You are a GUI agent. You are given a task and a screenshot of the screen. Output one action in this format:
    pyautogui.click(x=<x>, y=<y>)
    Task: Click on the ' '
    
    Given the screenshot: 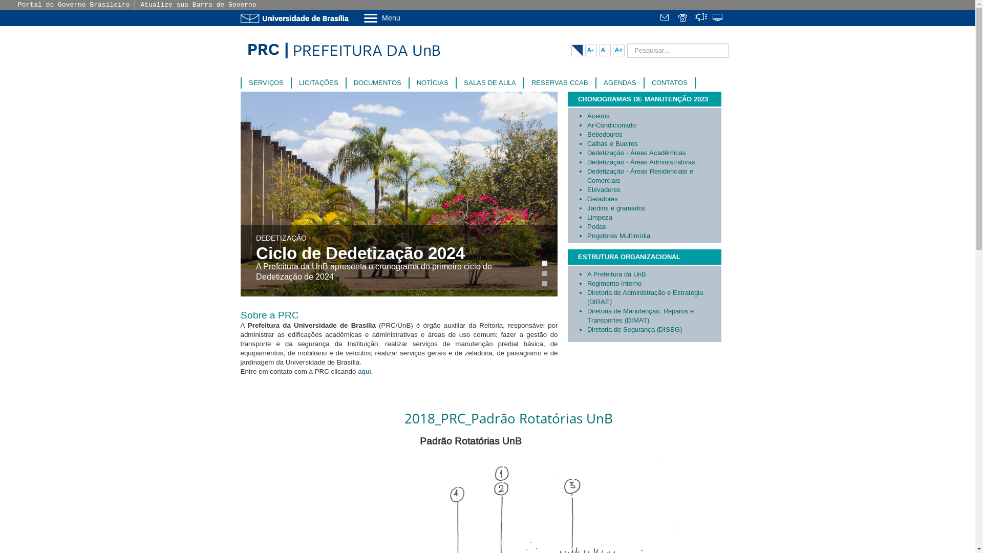 What is the action you would take?
    pyautogui.click(x=700, y=18)
    